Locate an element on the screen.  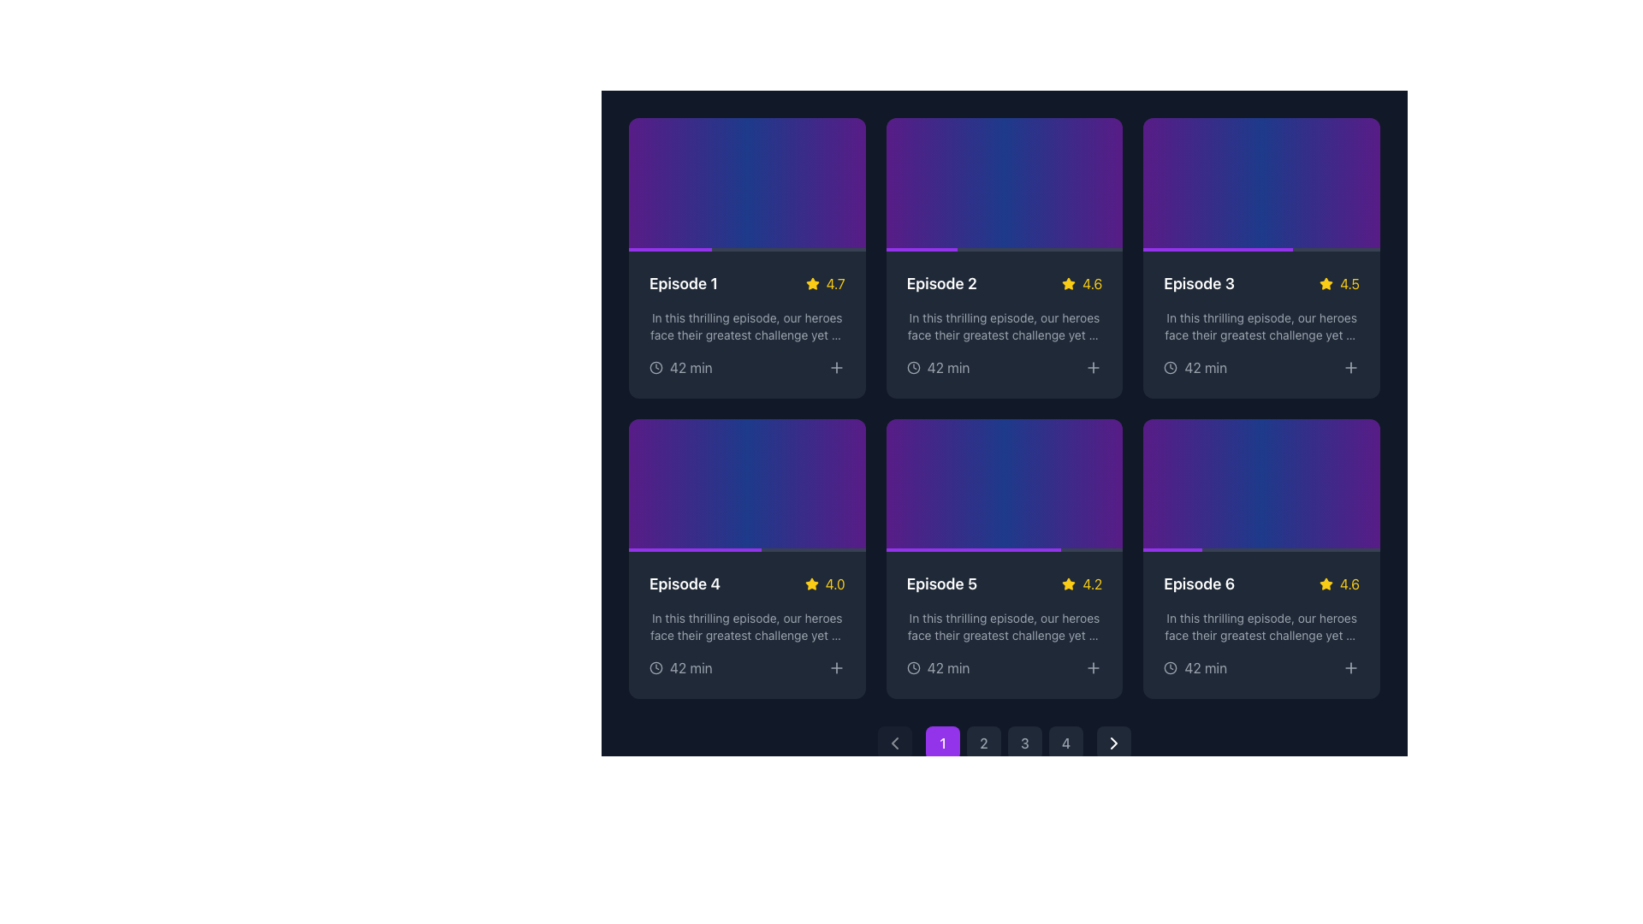
the star-shaped icon with a yellow fill and black outline located in the top-right corner of the 'Episode 1' card, which is aligned with the numerical rating (4.7) to its right is located at coordinates (811, 282).